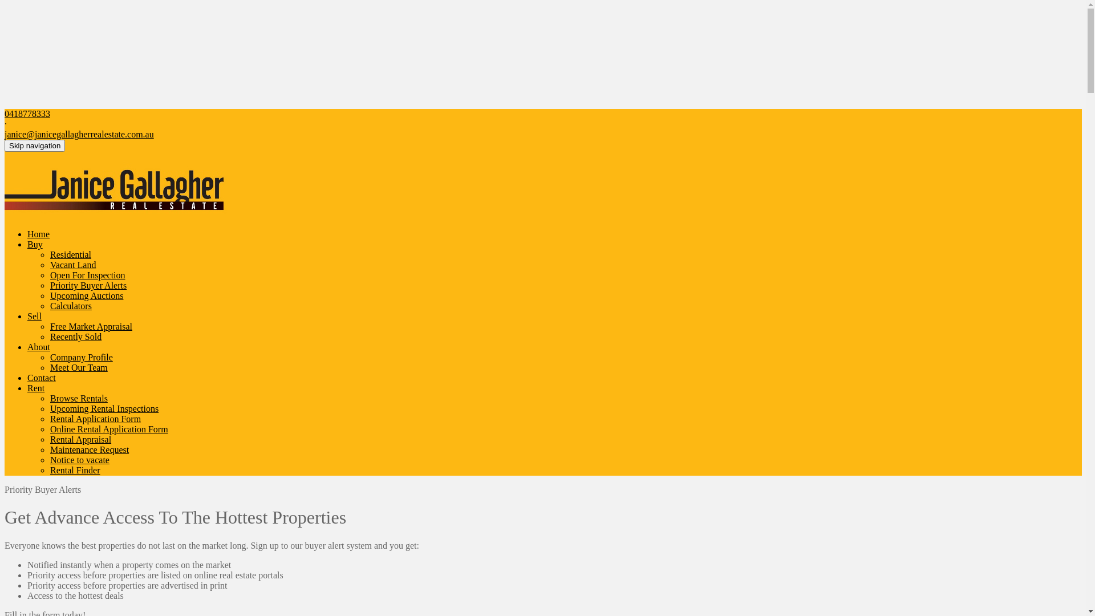 The height and width of the screenshot is (616, 1095). I want to click on 'About', so click(38, 346).